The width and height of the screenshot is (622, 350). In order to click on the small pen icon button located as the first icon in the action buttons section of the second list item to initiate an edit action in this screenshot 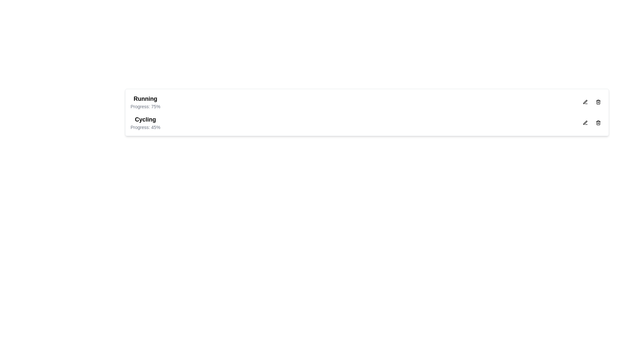, I will do `click(585, 122)`.